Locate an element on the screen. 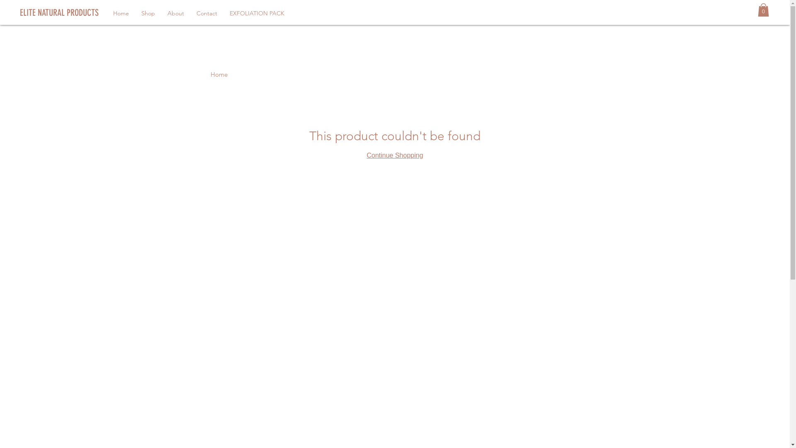 Image resolution: width=796 pixels, height=448 pixels. 'Shop' is located at coordinates (148, 13).